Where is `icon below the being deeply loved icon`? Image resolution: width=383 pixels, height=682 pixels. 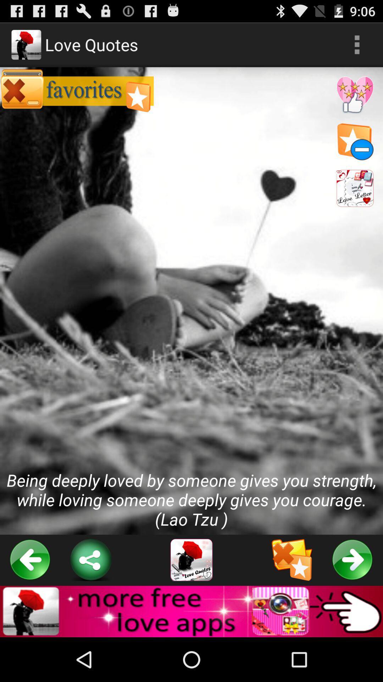
icon below the being deeply loved icon is located at coordinates (191, 559).